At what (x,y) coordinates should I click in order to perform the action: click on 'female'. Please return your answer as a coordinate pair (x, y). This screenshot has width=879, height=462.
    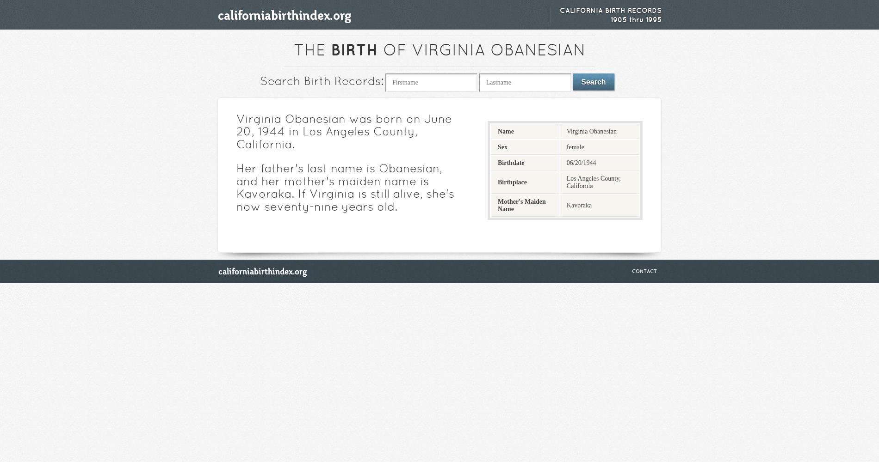
    Looking at the image, I should click on (574, 146).